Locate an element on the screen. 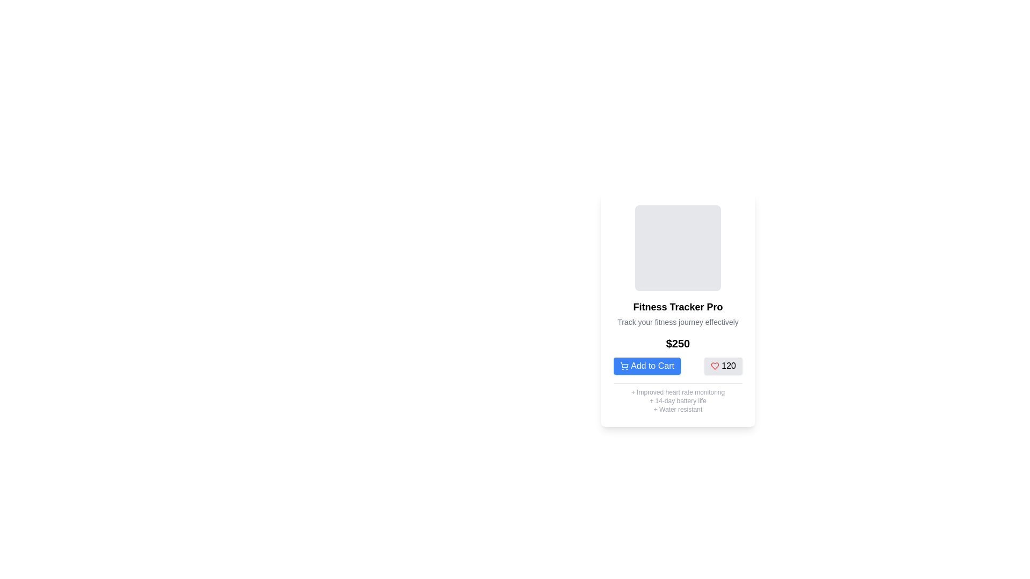  the 'Add to Cart' button which the Icon visually represents, located below the product image and description is located at coordinates (624, 365).